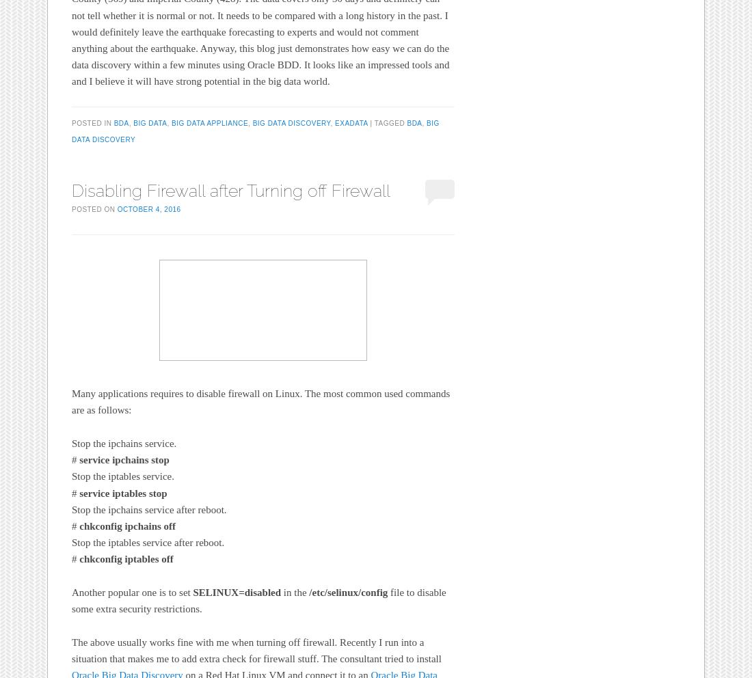 Image resolution: width=752 pixels, height=678 pixels. Describe the element at coordinates (258, 601) in the screenshot. I see `'file to disable some extra security restrictions.'` at that location.